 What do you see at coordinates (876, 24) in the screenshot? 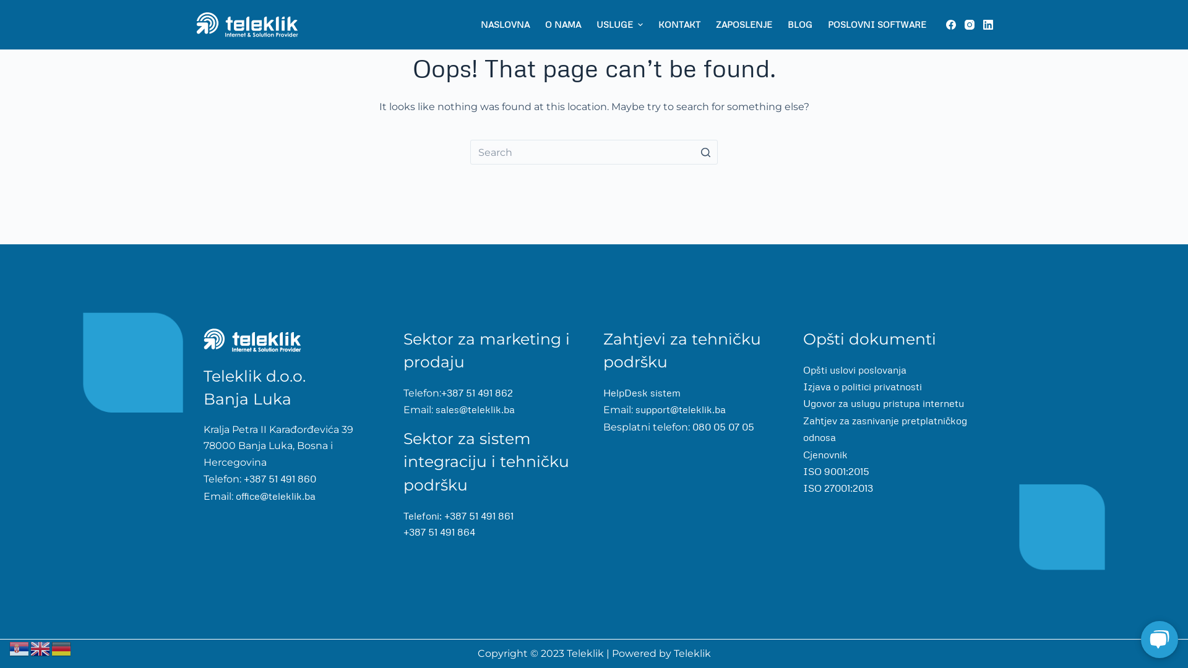
I see `'POSLOVNI SOFTWARE'` at bounding box center [876, 24].